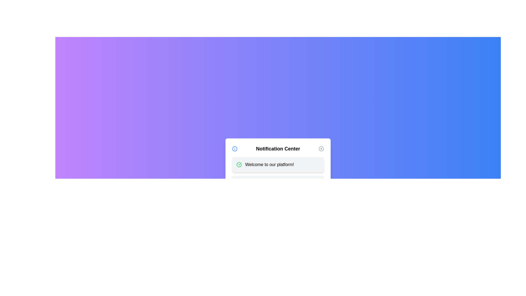 The width and height of the screenshot is (526, 296). Describe the element at coordinates (239, 164) in the screenshot. I see `the success confirmation icon located to the left of the message 'Welcome to our platform!' within the shadowed rectangular card` at that location.